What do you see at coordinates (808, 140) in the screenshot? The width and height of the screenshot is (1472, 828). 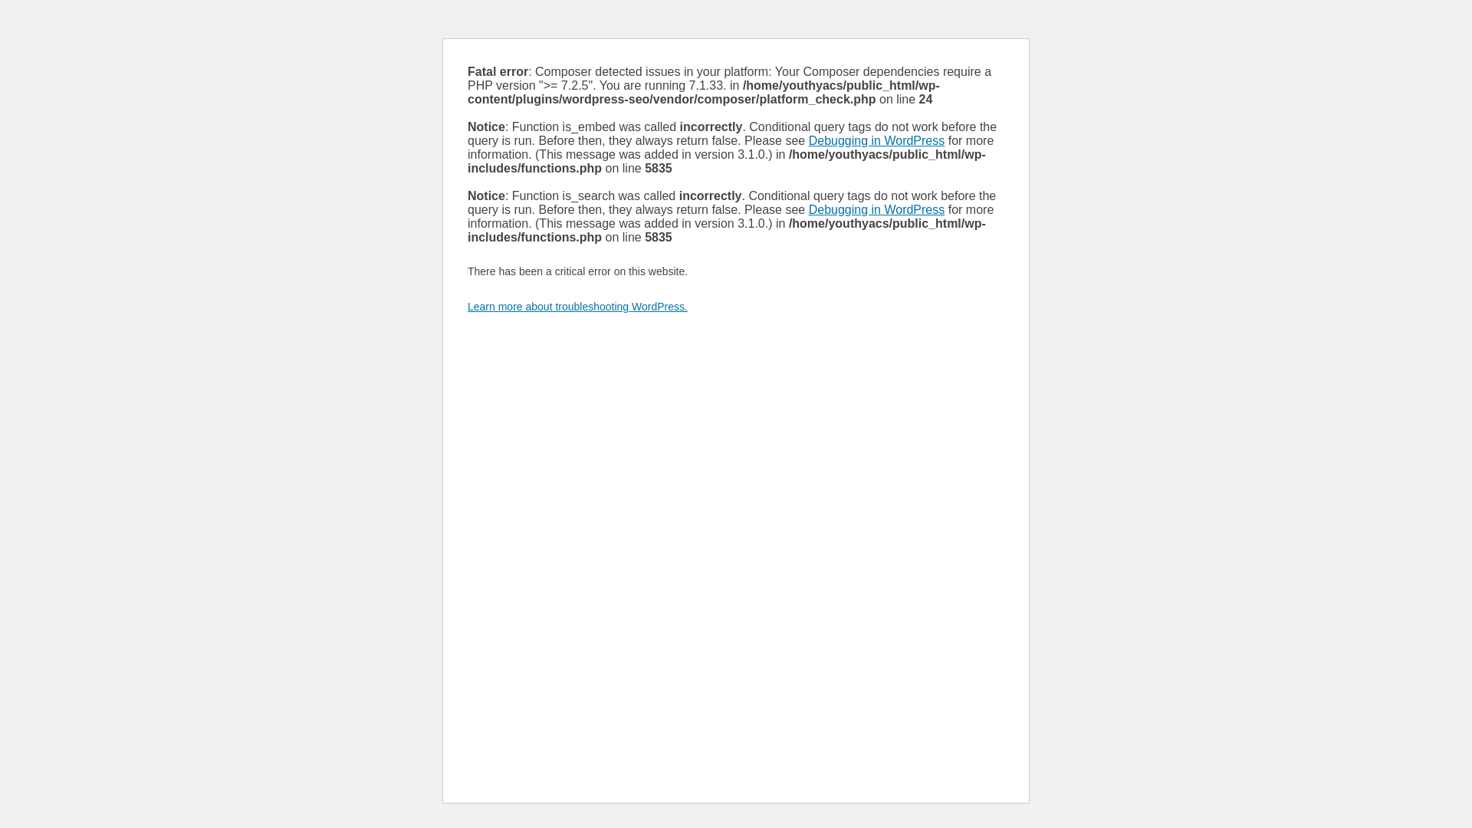 I see `'Debugging in WordPress'` at bounding box center [808, 140].